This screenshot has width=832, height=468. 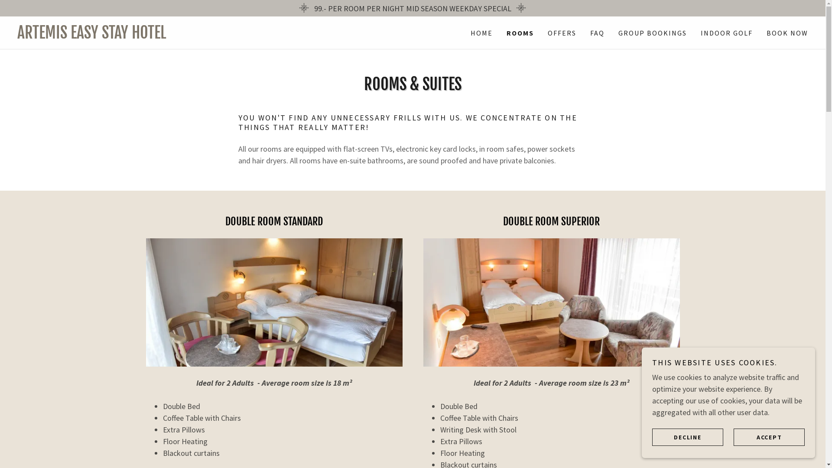 What do you see at coordinates (653, 32) in the screenshot?
I see `'GROUP BOOKINGS'` at bounding box center [653, 32].